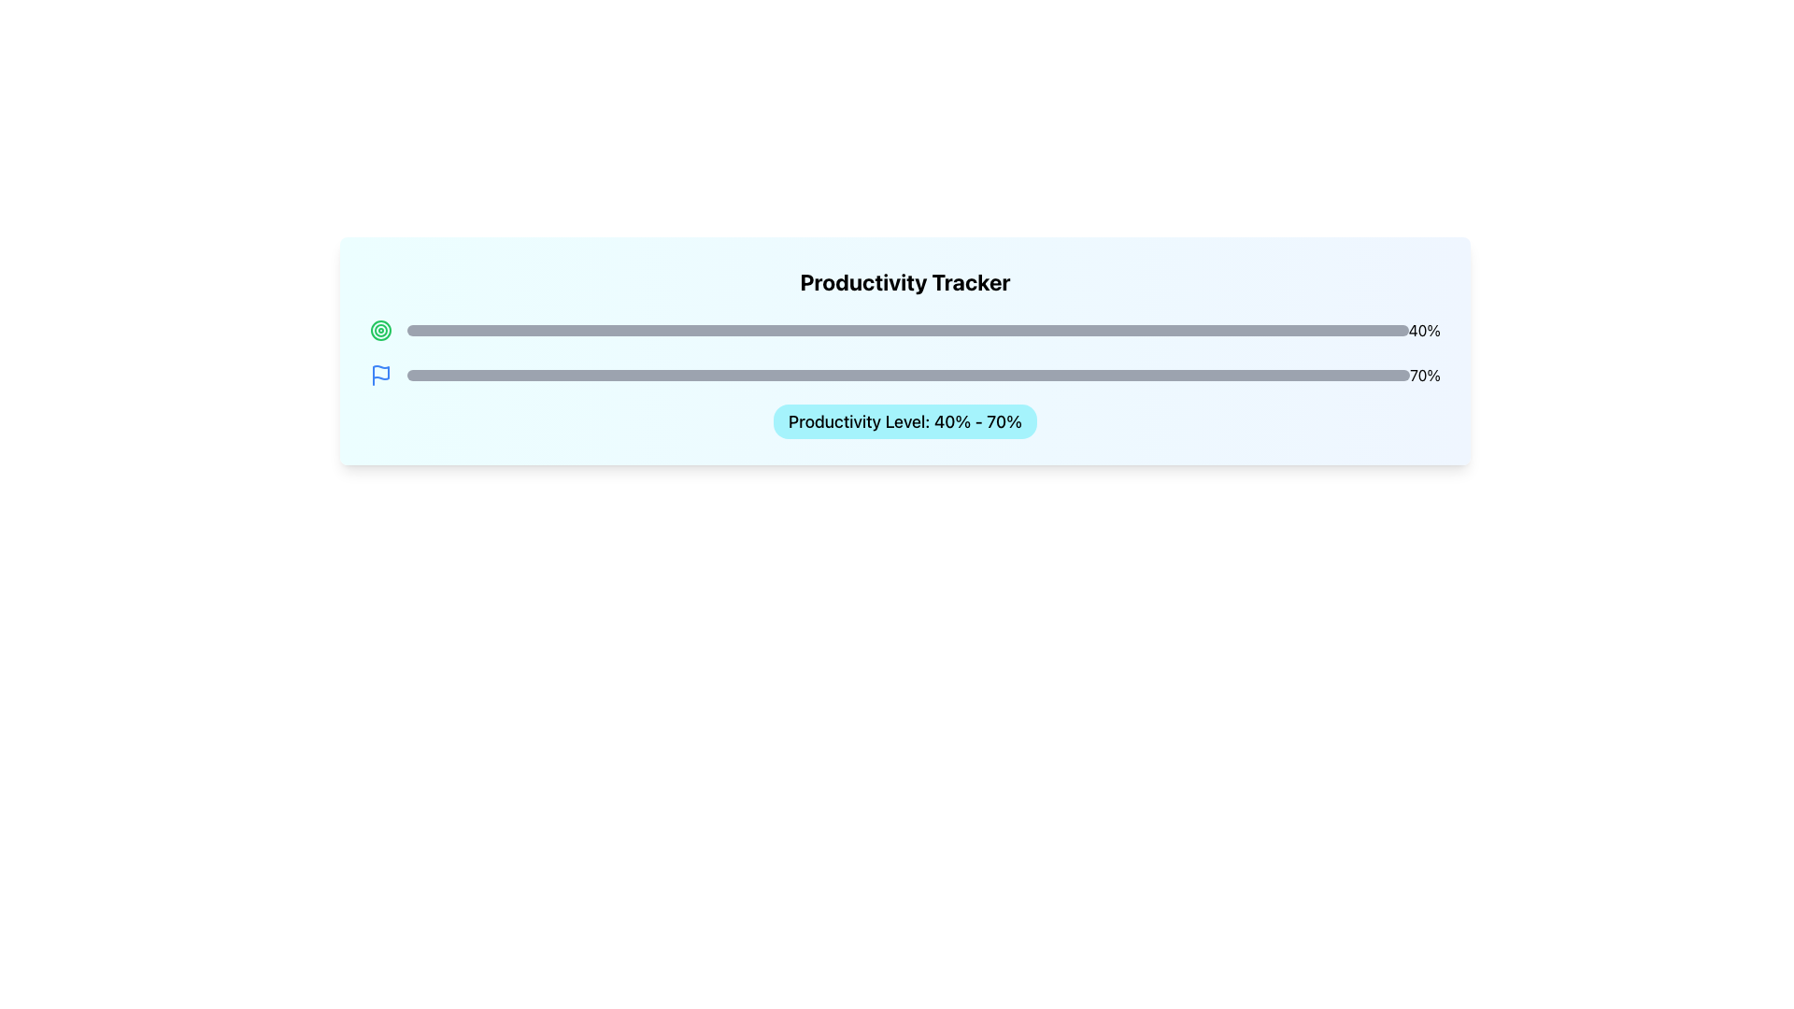 This screenshot has height=1009, width=1794. I want to click on the progress value, so click(778, 375).